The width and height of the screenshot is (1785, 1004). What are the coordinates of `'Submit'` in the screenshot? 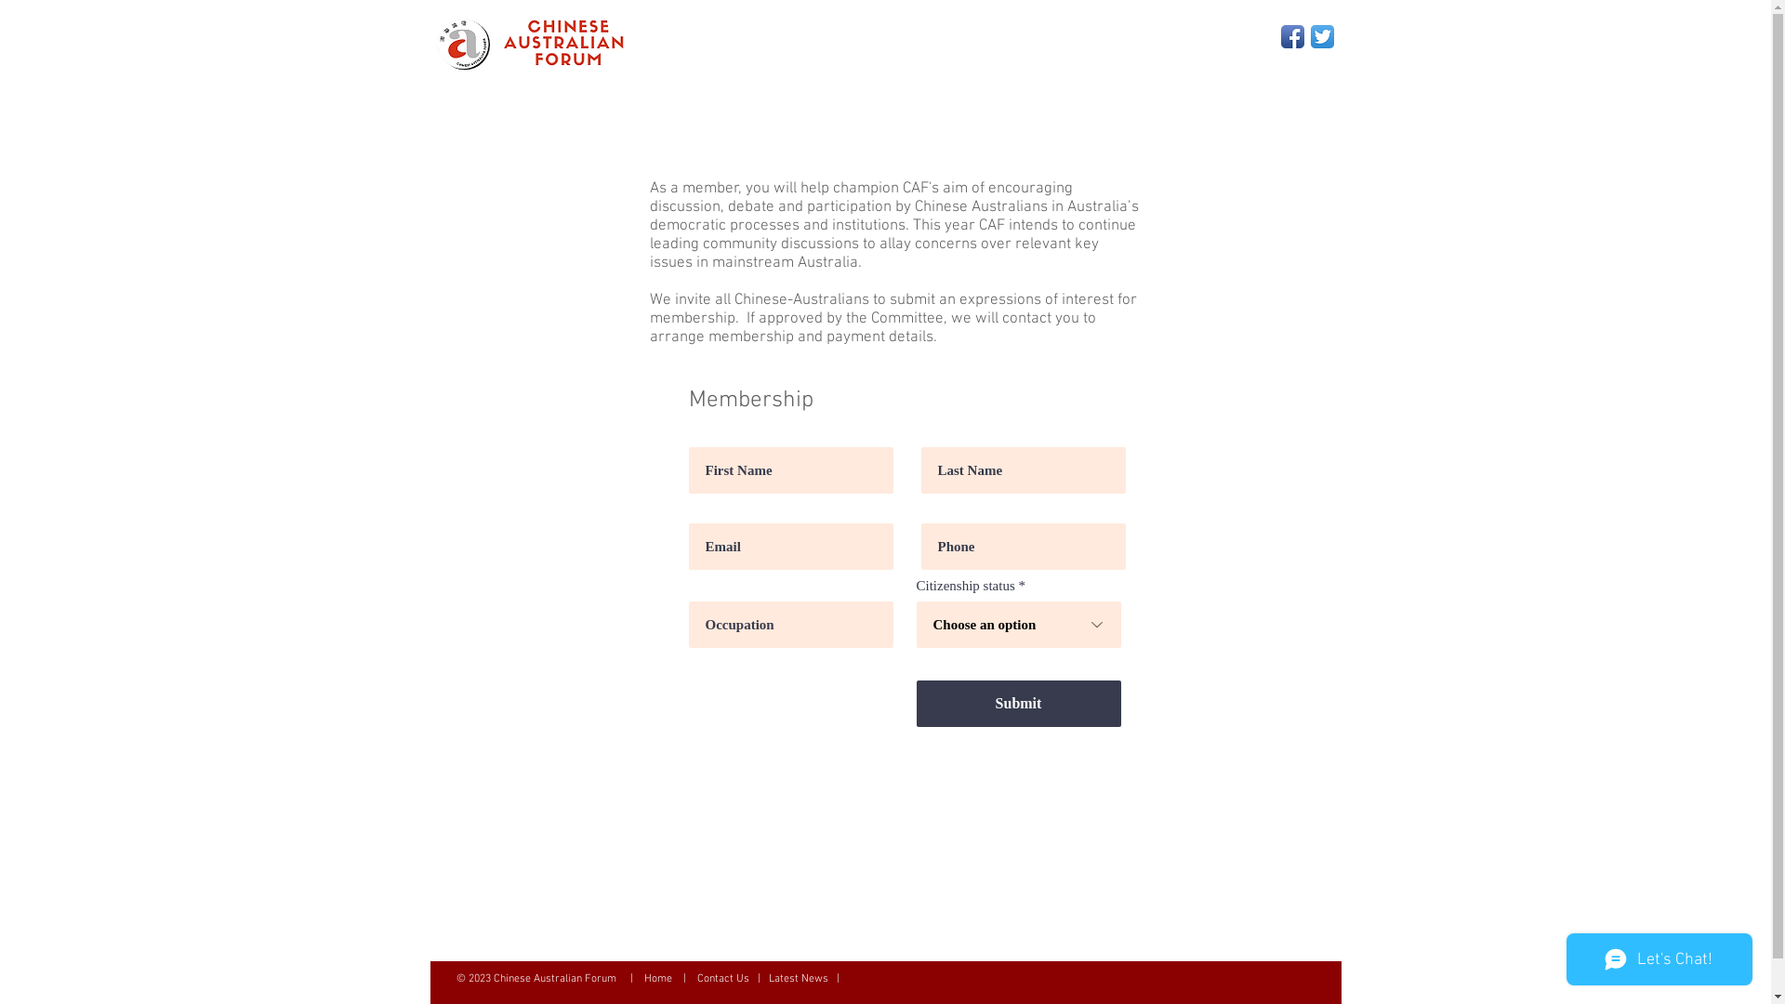 It's located at (916, 703).